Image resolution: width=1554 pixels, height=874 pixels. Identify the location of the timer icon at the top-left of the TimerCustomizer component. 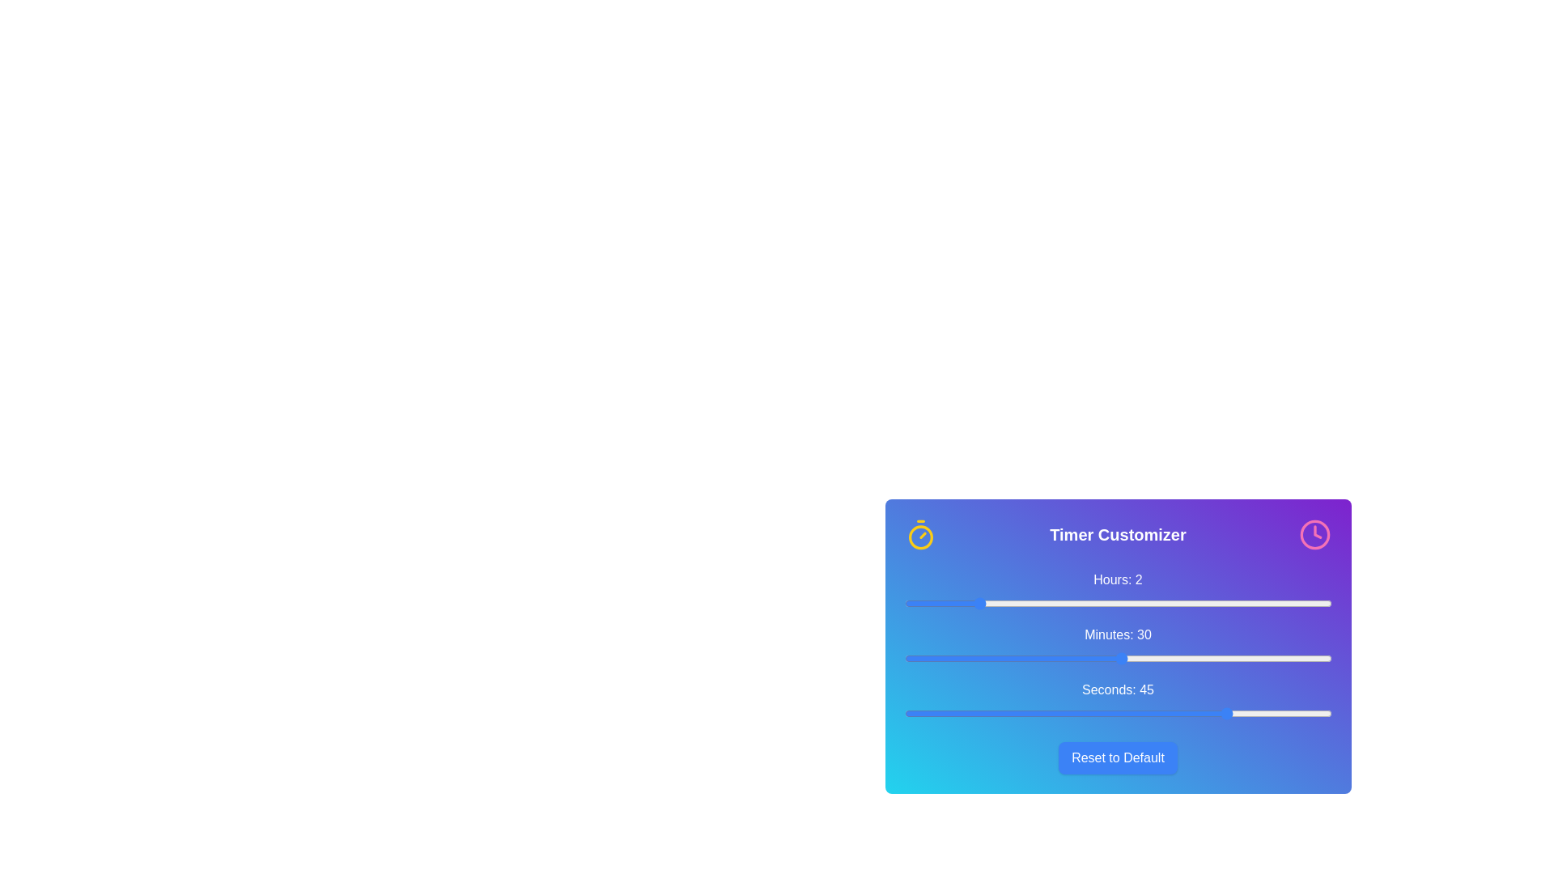
(920, 534).